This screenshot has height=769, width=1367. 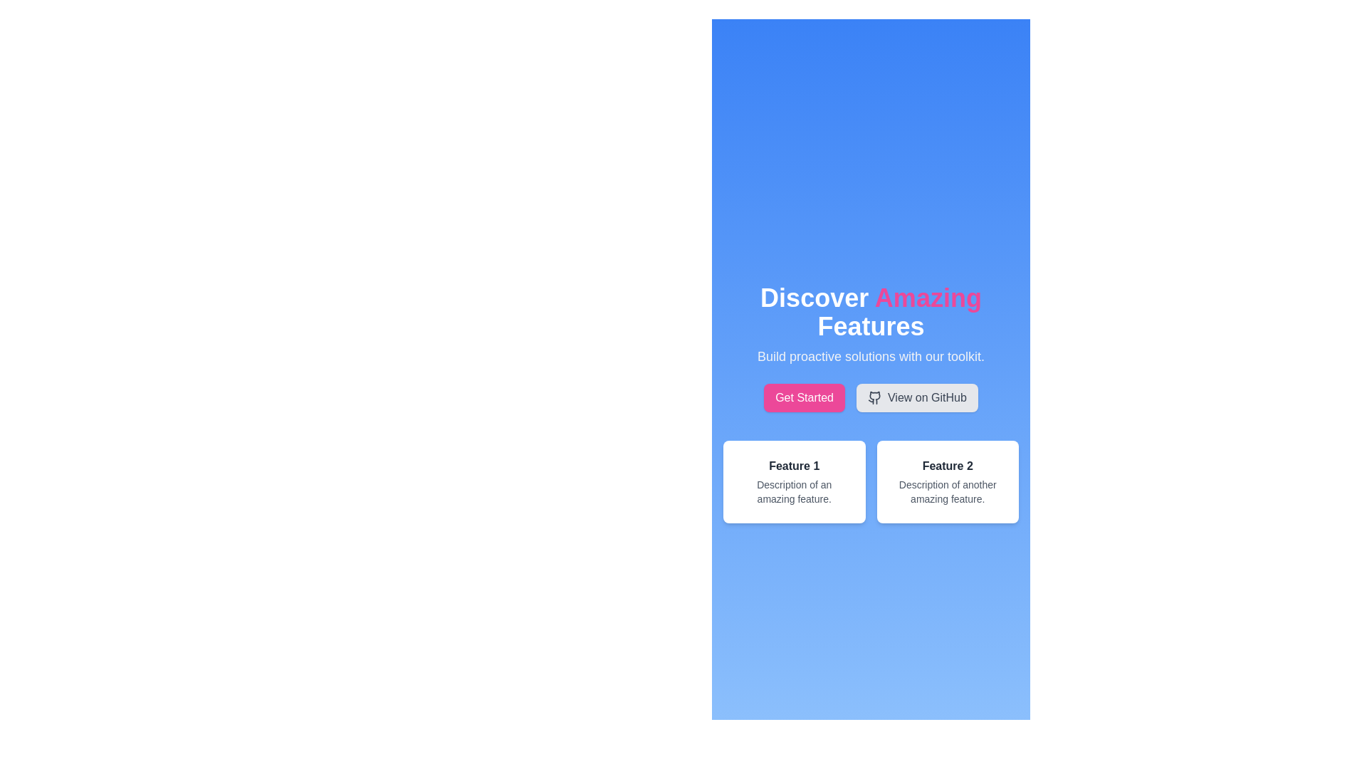 What do you see at coordinates (874, 398) in the screenshot?
I see `the GitHub icon located to the left of the 'View on GitHub' text within the rectangular button at the upper center of the interface` at bounding box center [874, 398].